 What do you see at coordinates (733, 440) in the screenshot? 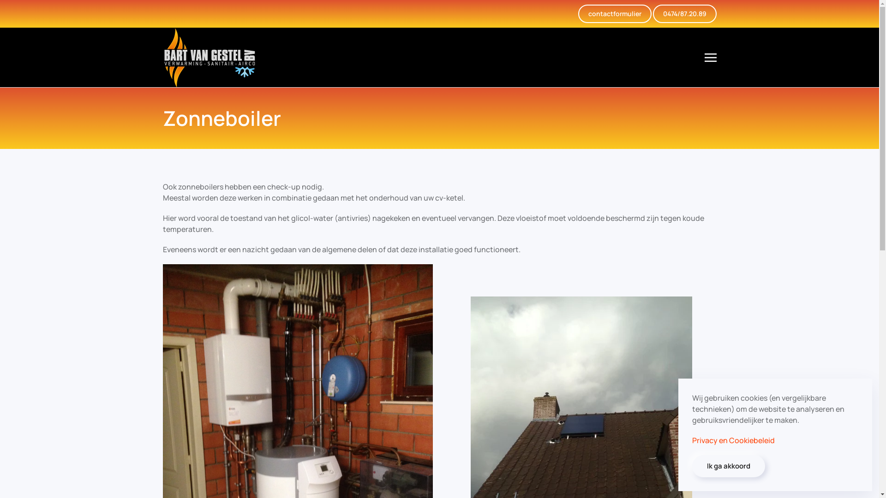
I see `'Privacy en Cookiebeleid'` at bounding box center [733, 440].